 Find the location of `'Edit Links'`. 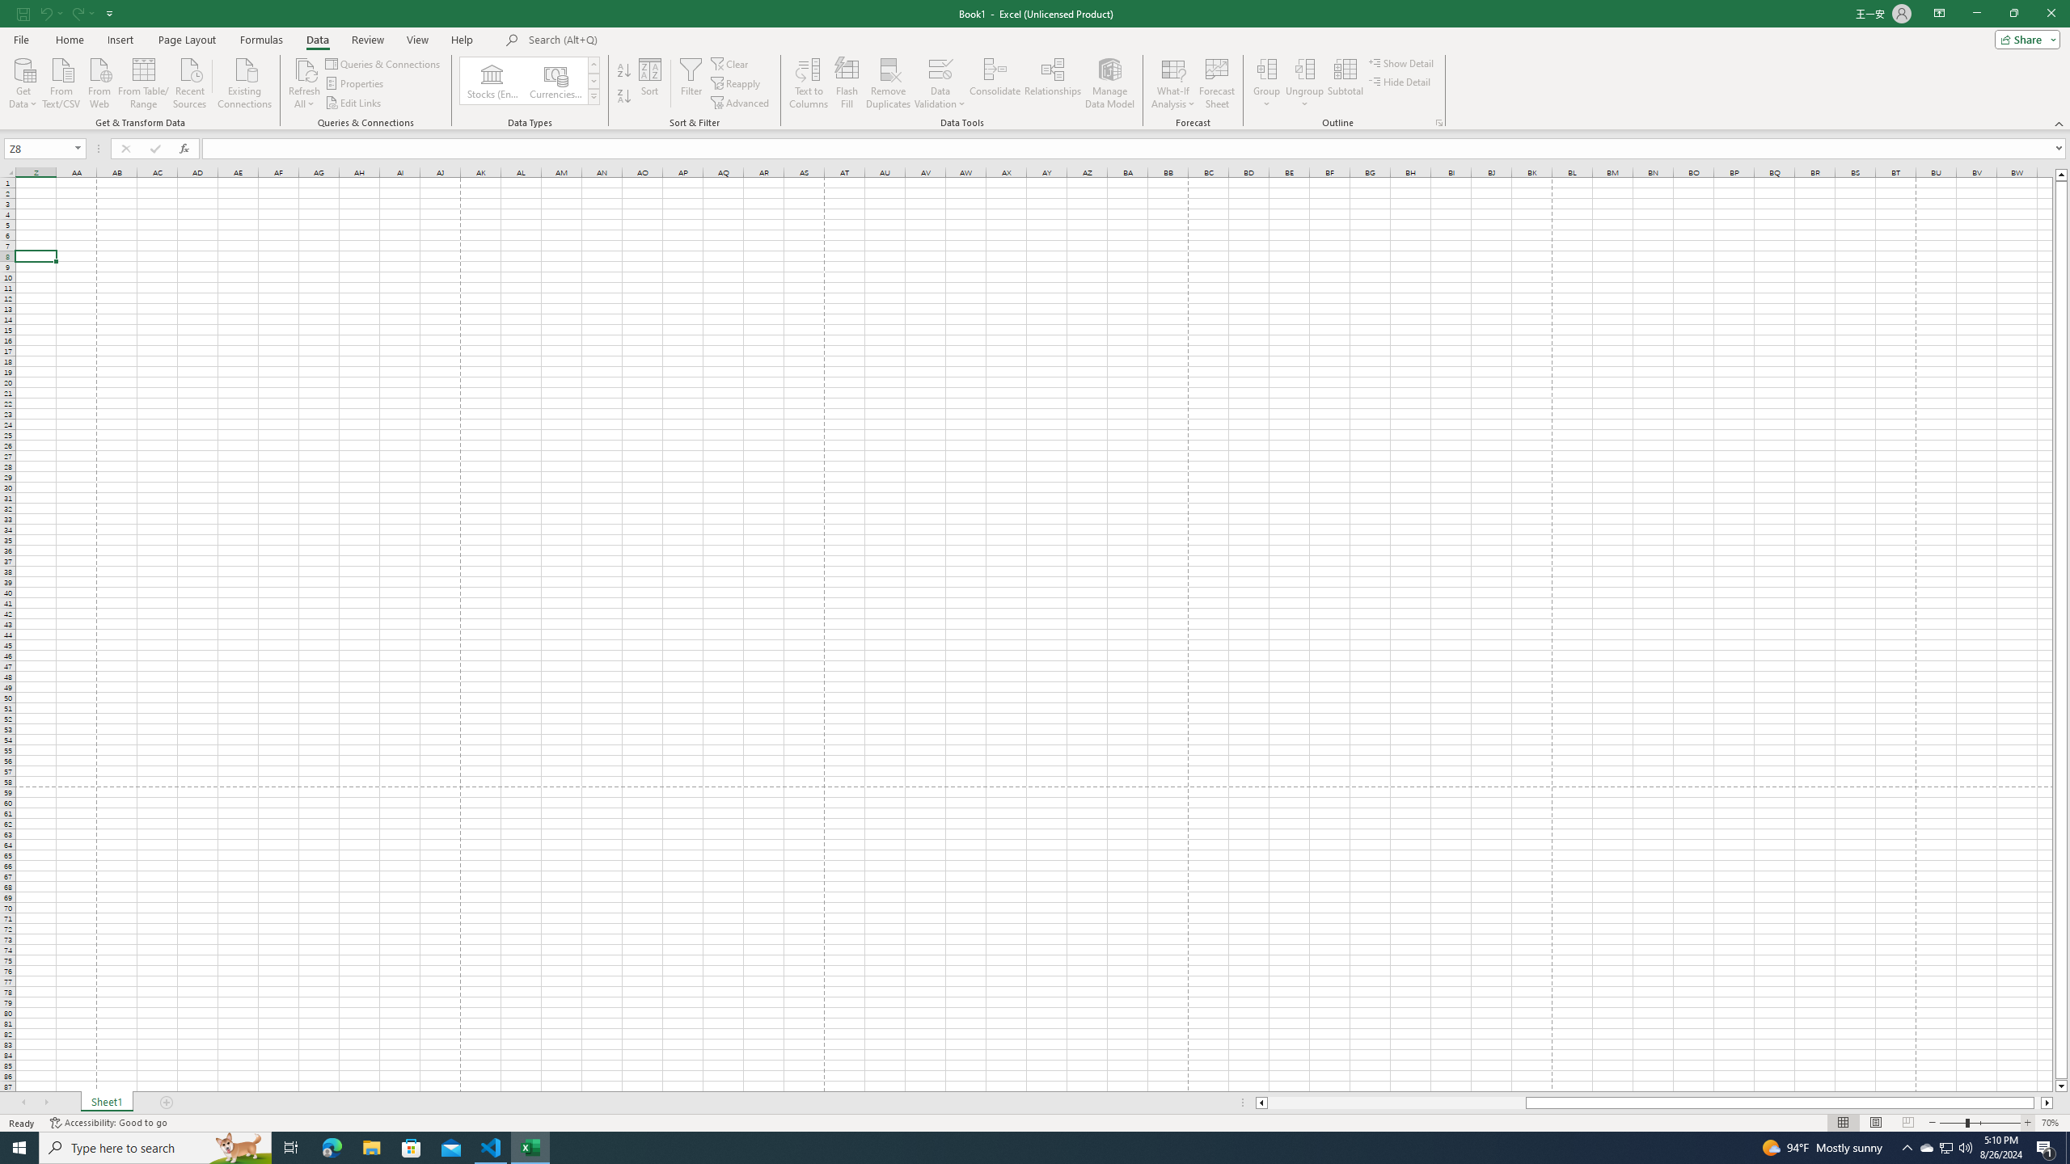

'Edit Links' is located at coordinates (355, 103).